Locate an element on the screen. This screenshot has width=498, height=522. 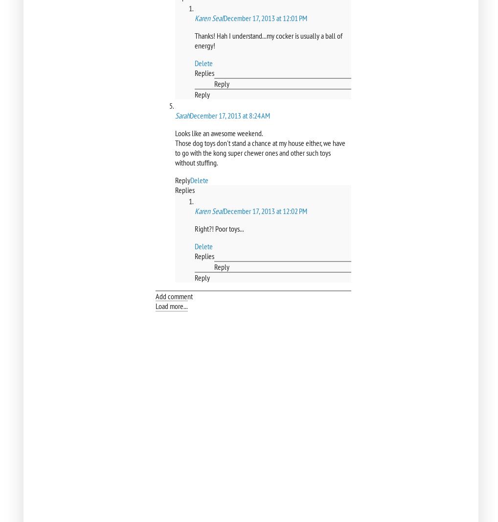
'December 17, 2013 at 12:02 PM' is located at coordinates (265, 211).